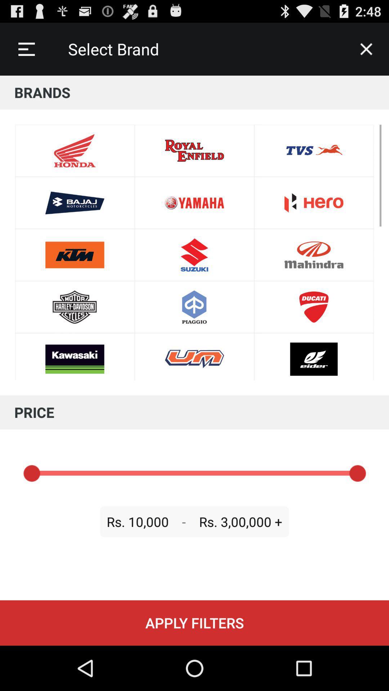 Image resolution: width=389 pixels, height=691 pixels. Describe the element at coordinates (366, 49) in the screenshot. I see `item to the right of the select brand icon` at that location.